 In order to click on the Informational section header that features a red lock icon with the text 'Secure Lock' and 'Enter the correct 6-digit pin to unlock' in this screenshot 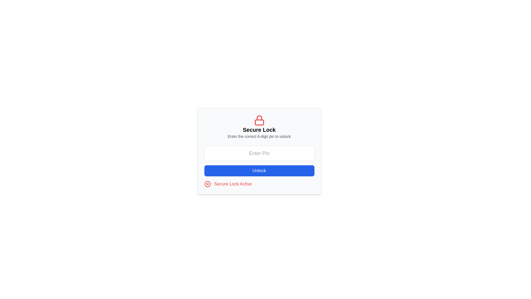, I will do `click(259, 127)`.